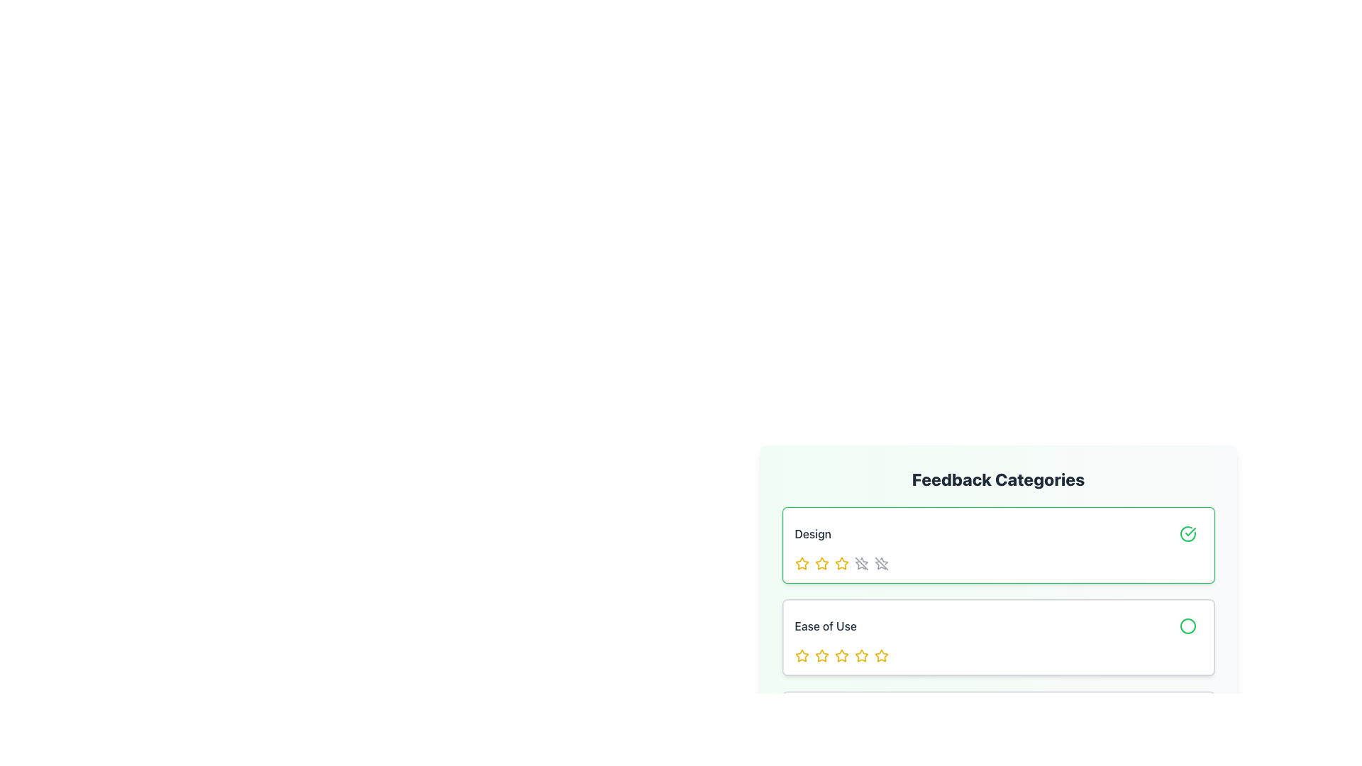 Image resolution: width=1362 pixels, height=766 pixels. Describe the element at coordinates (997, 562) in the screenshot. I see `the interactive star rating component for the 'Design' aspect` at that location.